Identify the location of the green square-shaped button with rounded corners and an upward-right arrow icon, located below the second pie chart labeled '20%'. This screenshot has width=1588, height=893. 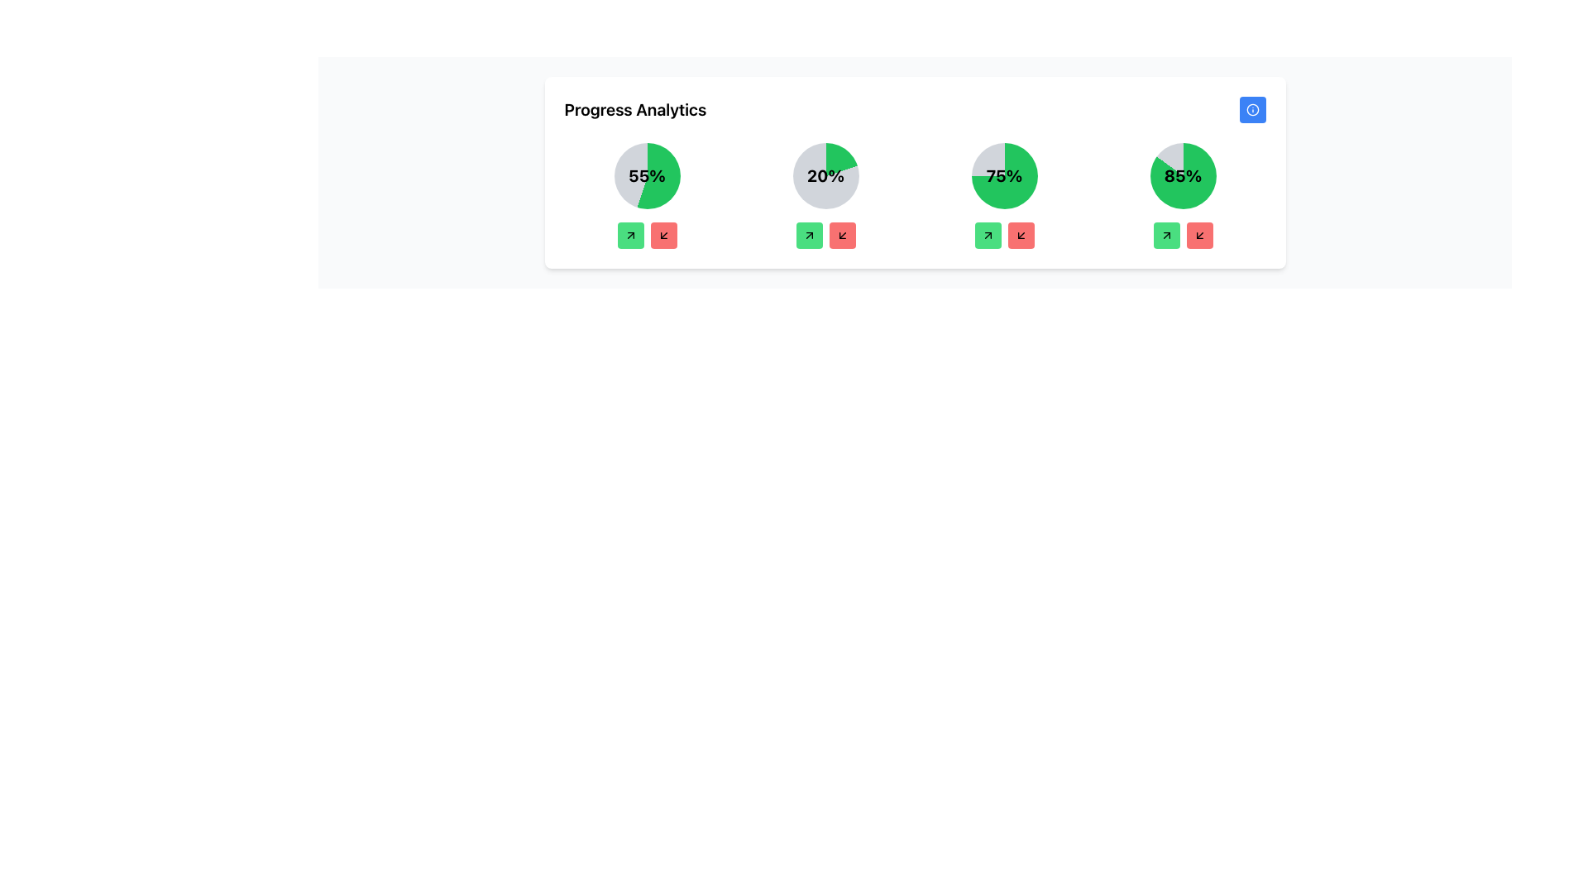
(809, 236).